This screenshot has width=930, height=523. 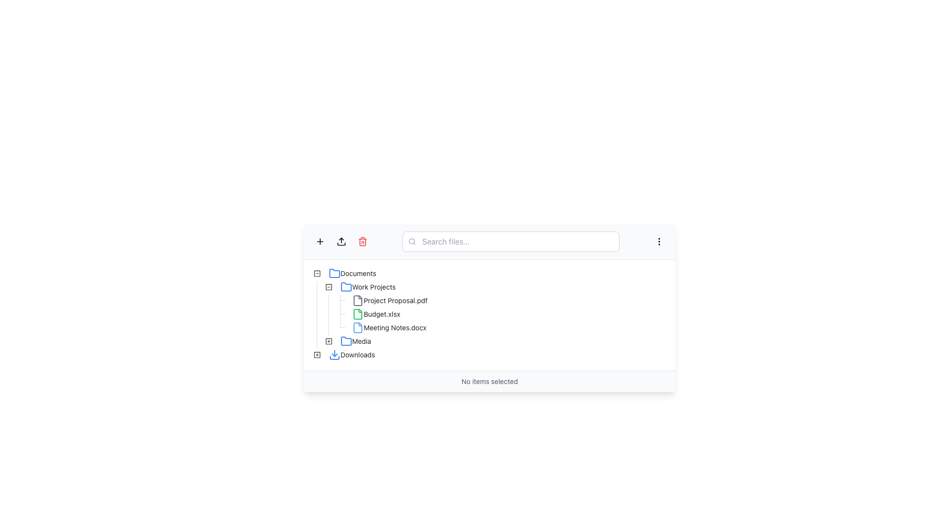 What do you see at coordinates (357, 314) in the screenshot?
I see `the document icon with a green outline that represents 'Budget.xlsx' located in the file tree structure under 'Documents' > 'Work Projects'` at bounding box center [357, 314].